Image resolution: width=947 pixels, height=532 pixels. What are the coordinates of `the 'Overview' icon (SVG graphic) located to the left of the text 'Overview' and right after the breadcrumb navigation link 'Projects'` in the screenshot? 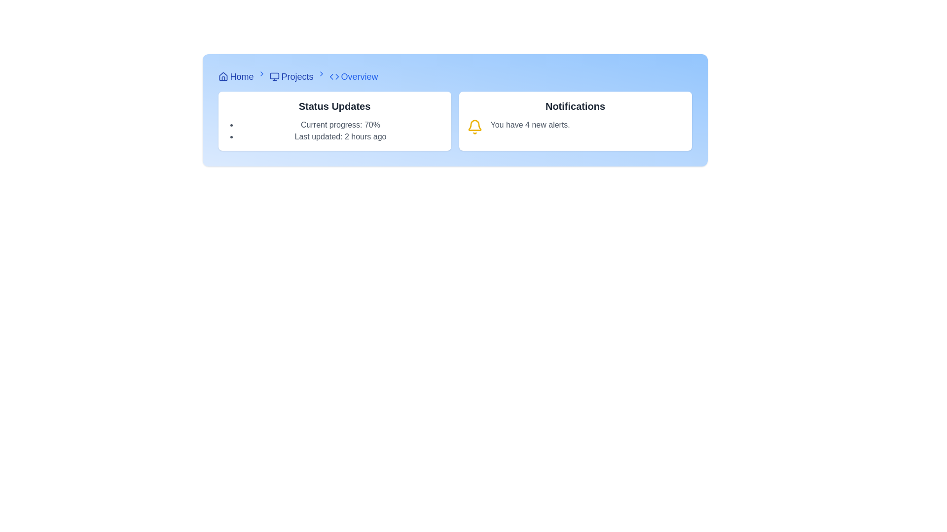 It's located at (334, 76).